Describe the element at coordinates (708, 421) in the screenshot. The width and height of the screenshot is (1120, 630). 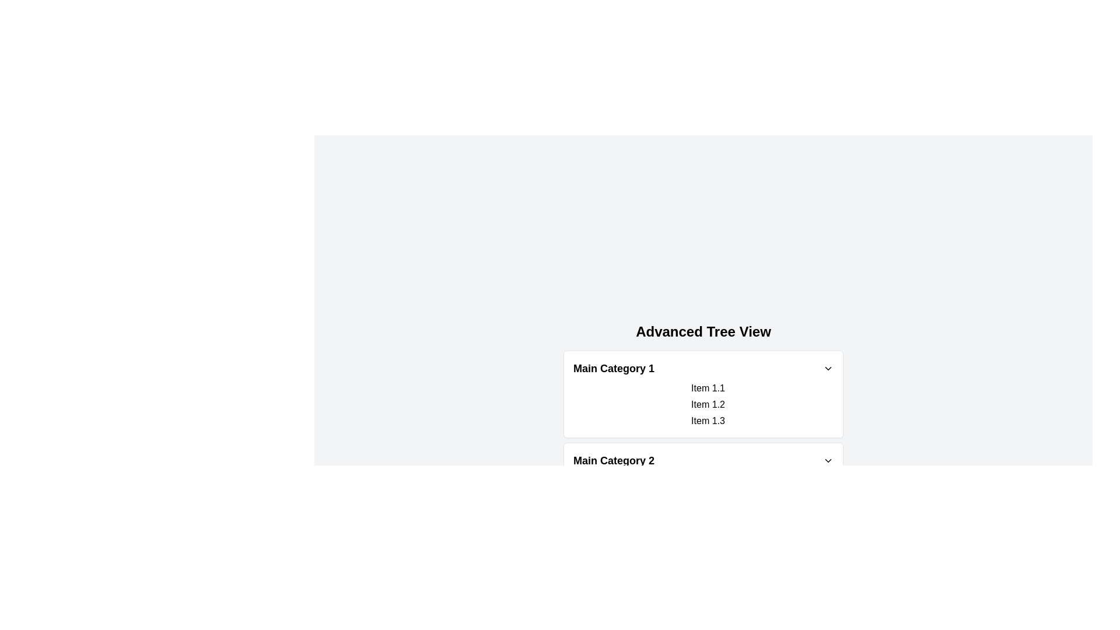
I see `the text label displaying 'Item 1.3', which is the third item under 'Main Category 1'` at that location.